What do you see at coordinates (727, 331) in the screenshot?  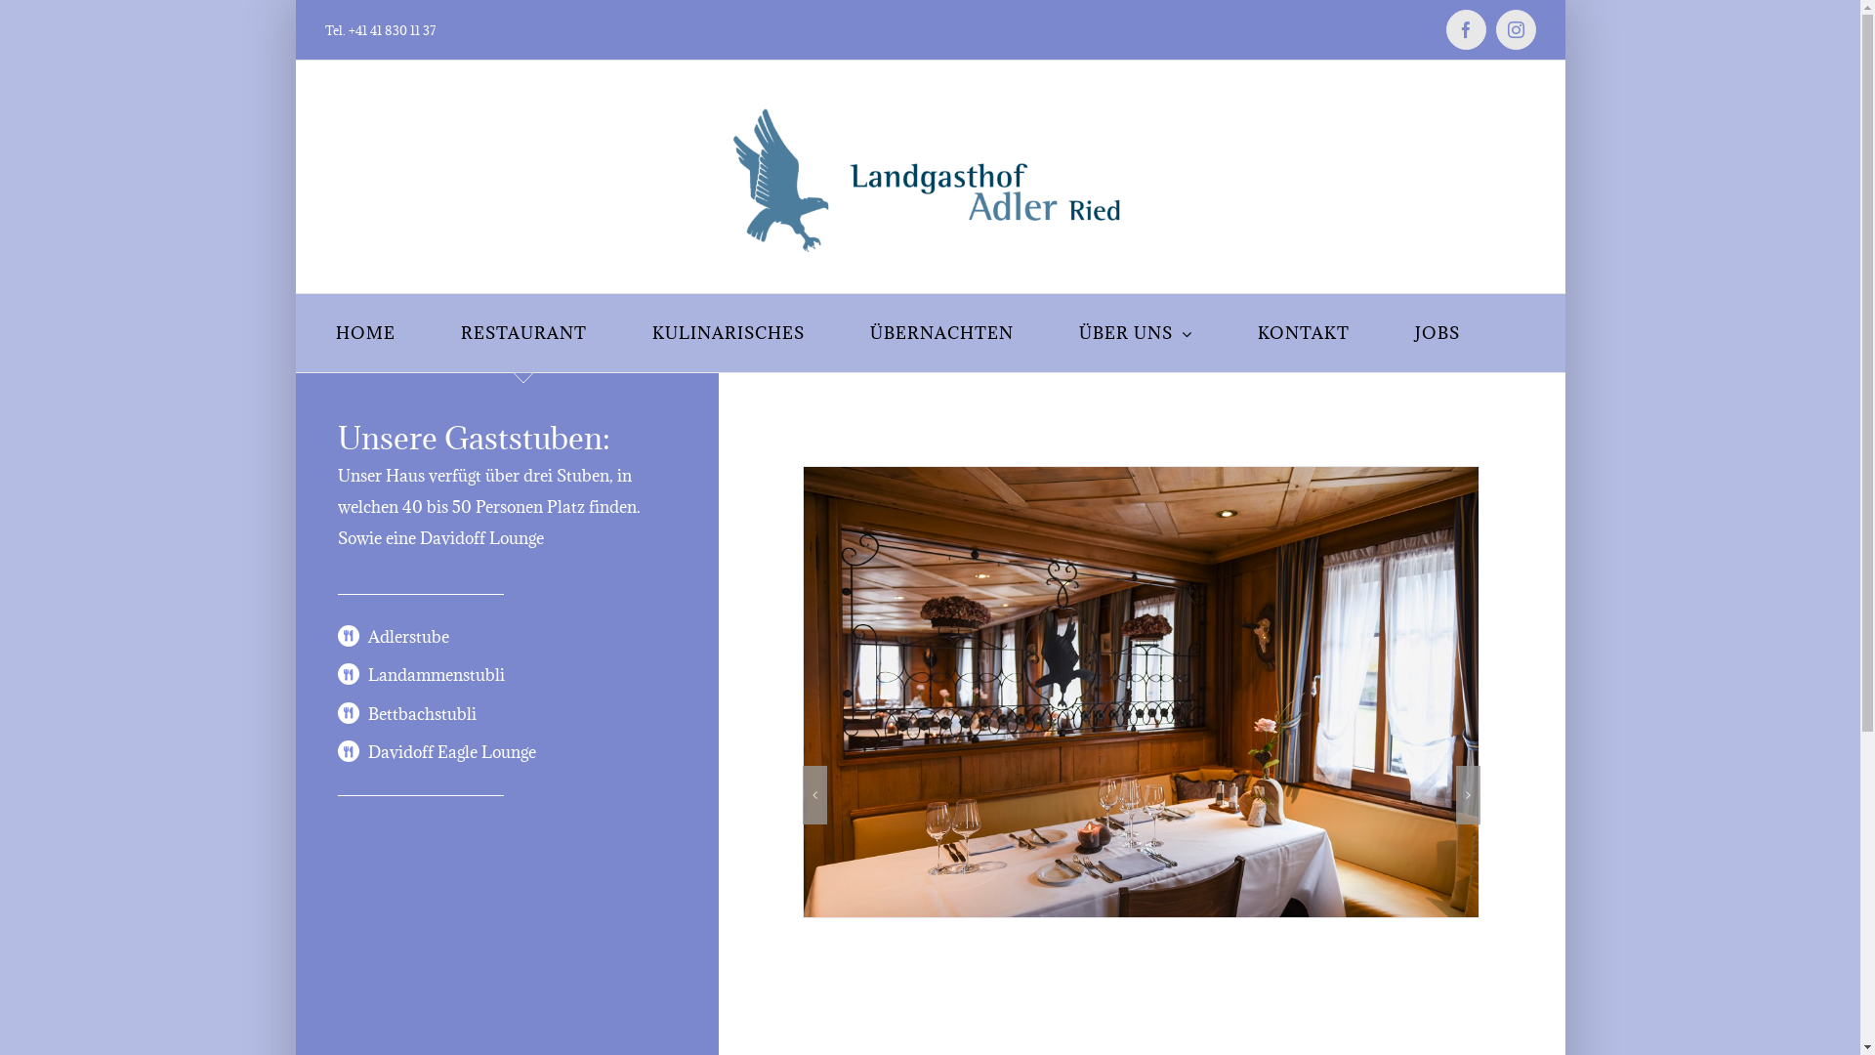 I see `'KULINARISCHES'` at bounding box center [727, 331].